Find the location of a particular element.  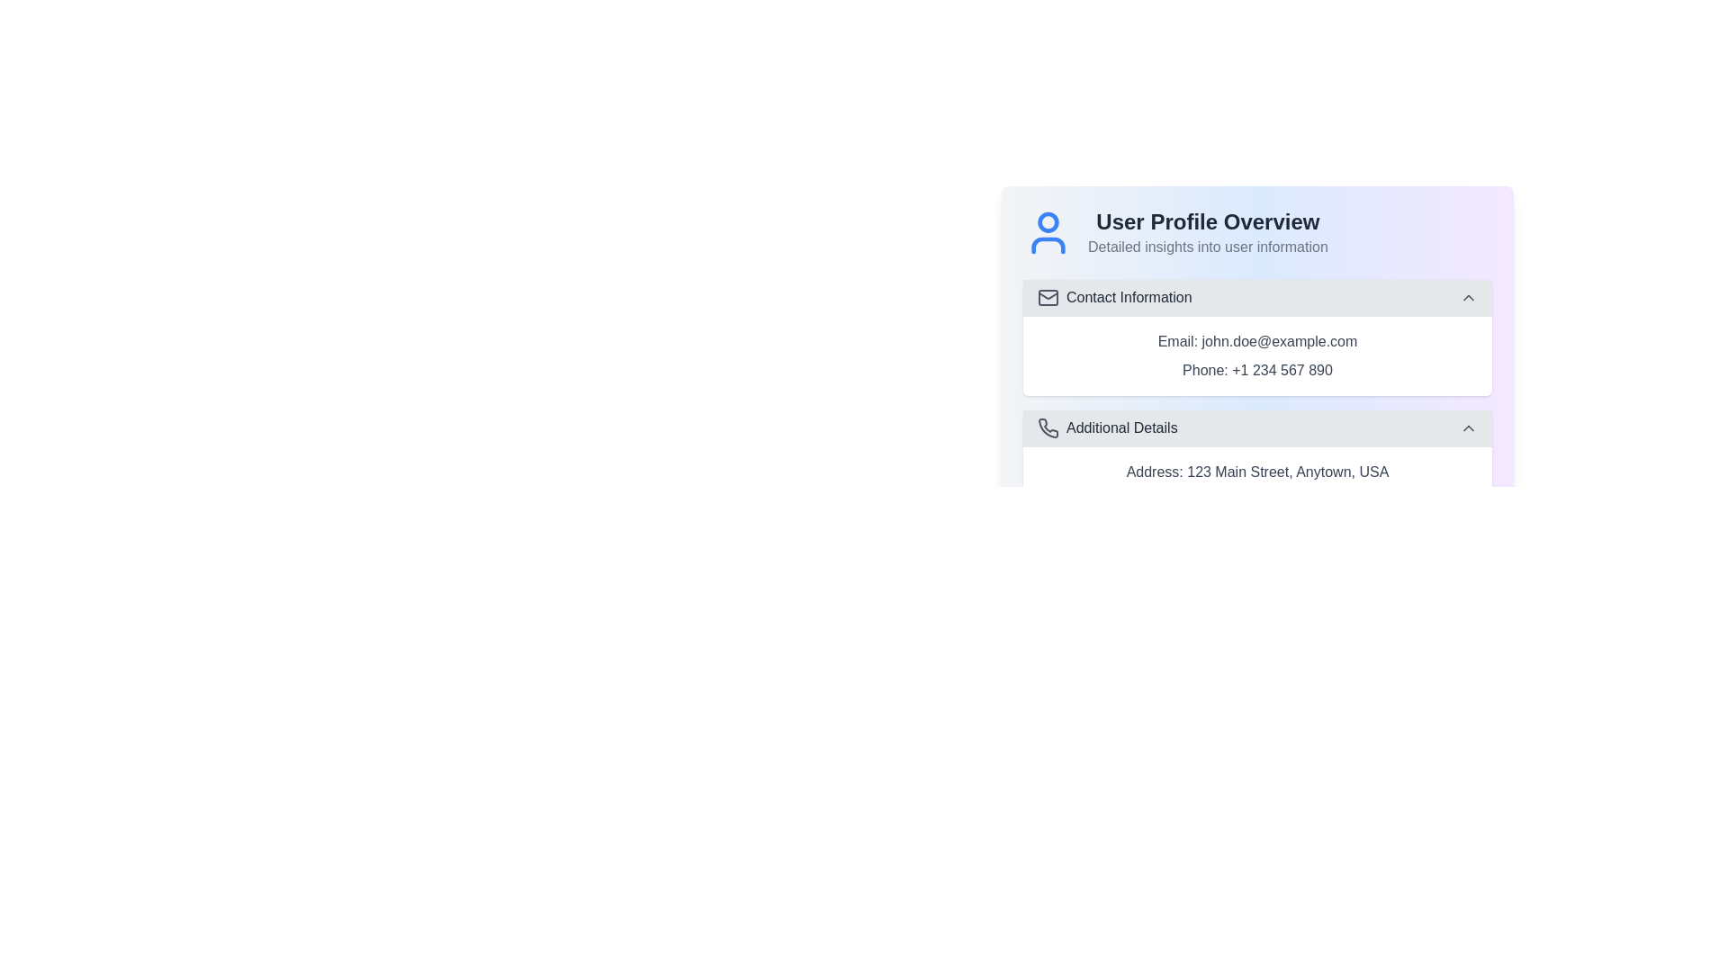

the upward-pointing gray chevron icon located at the far right side of the 'Additional Details' section header is located at coordinates (1469, 427).